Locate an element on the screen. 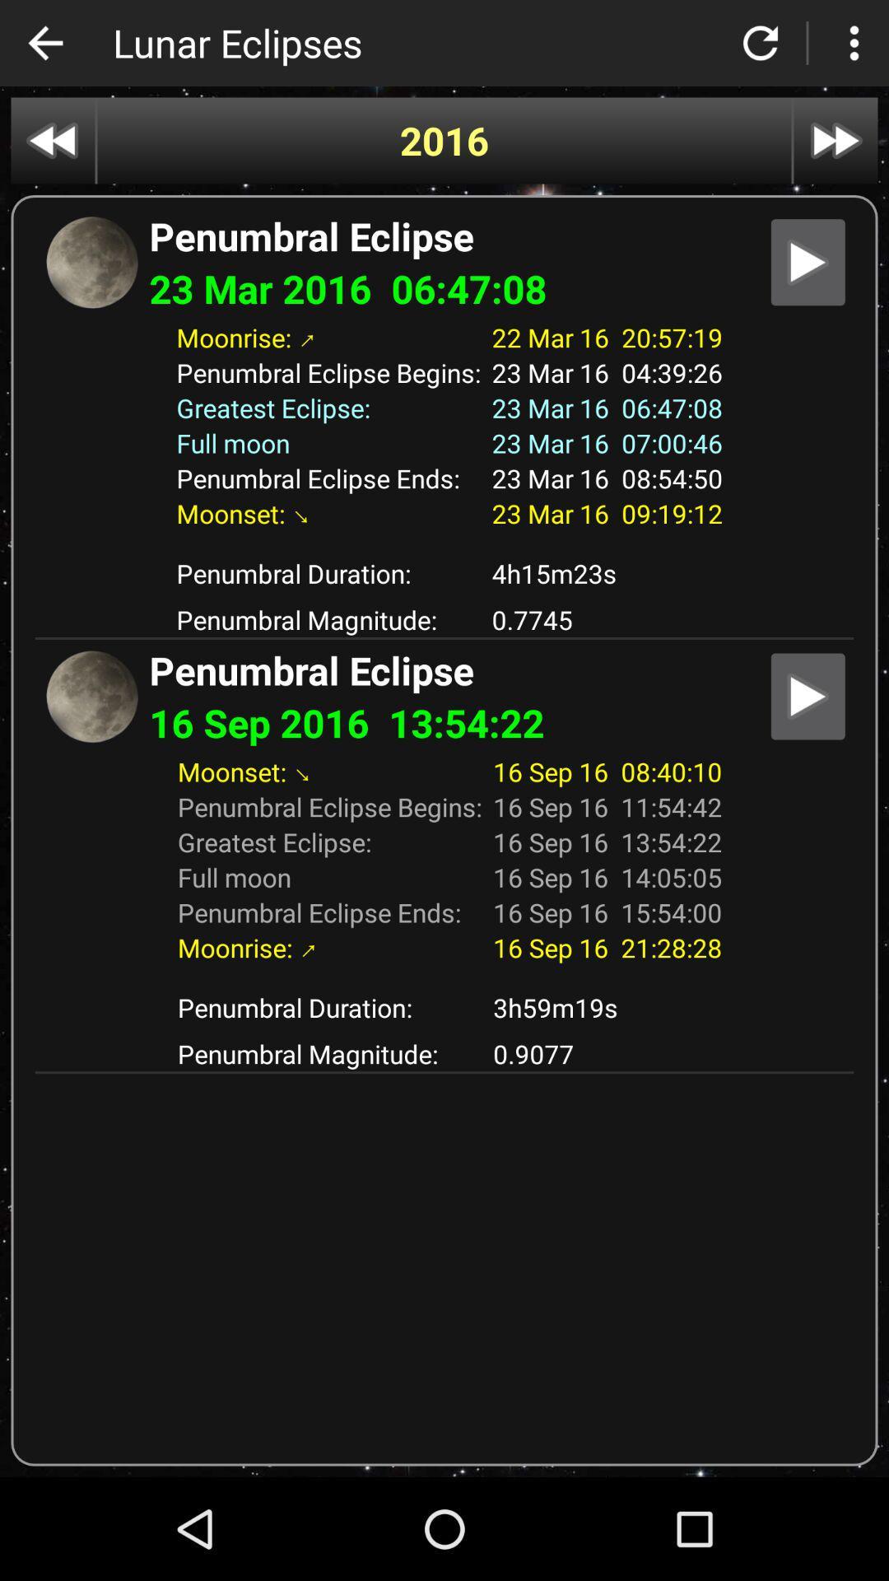 The height and width of the screenshot is (1581, 889). switch to previous page is located at coordinates (44, 43).